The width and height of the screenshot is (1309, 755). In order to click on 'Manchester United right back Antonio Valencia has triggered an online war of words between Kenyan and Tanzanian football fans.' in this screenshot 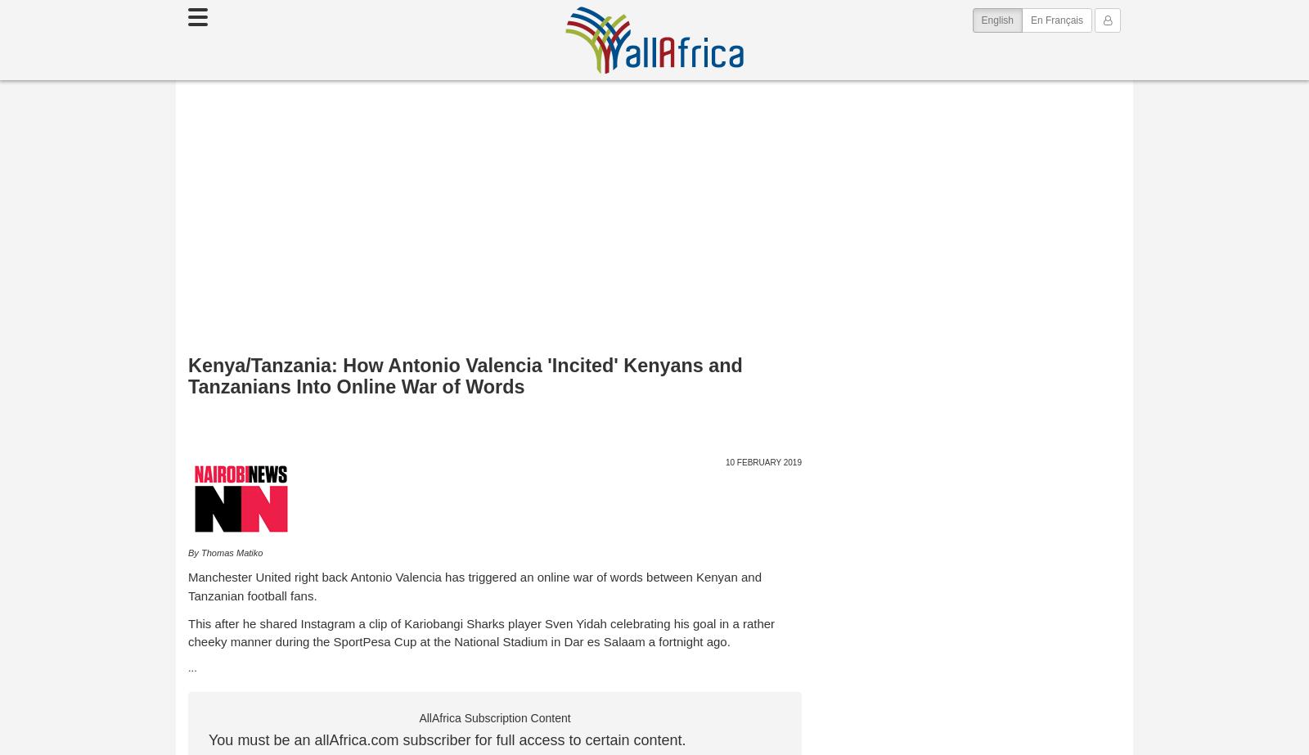, I will do `click(474, 585)`.